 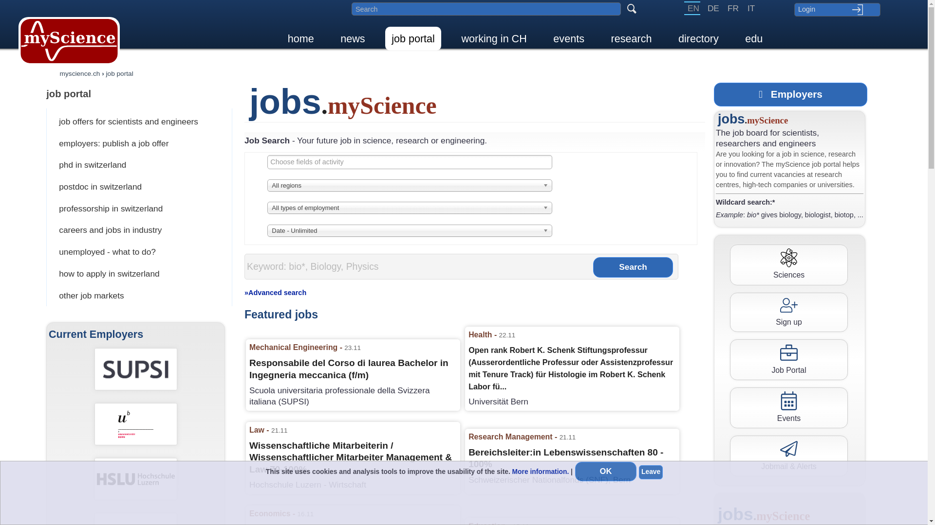 I want to click on 'Sign up', so click(x=789, y=312).